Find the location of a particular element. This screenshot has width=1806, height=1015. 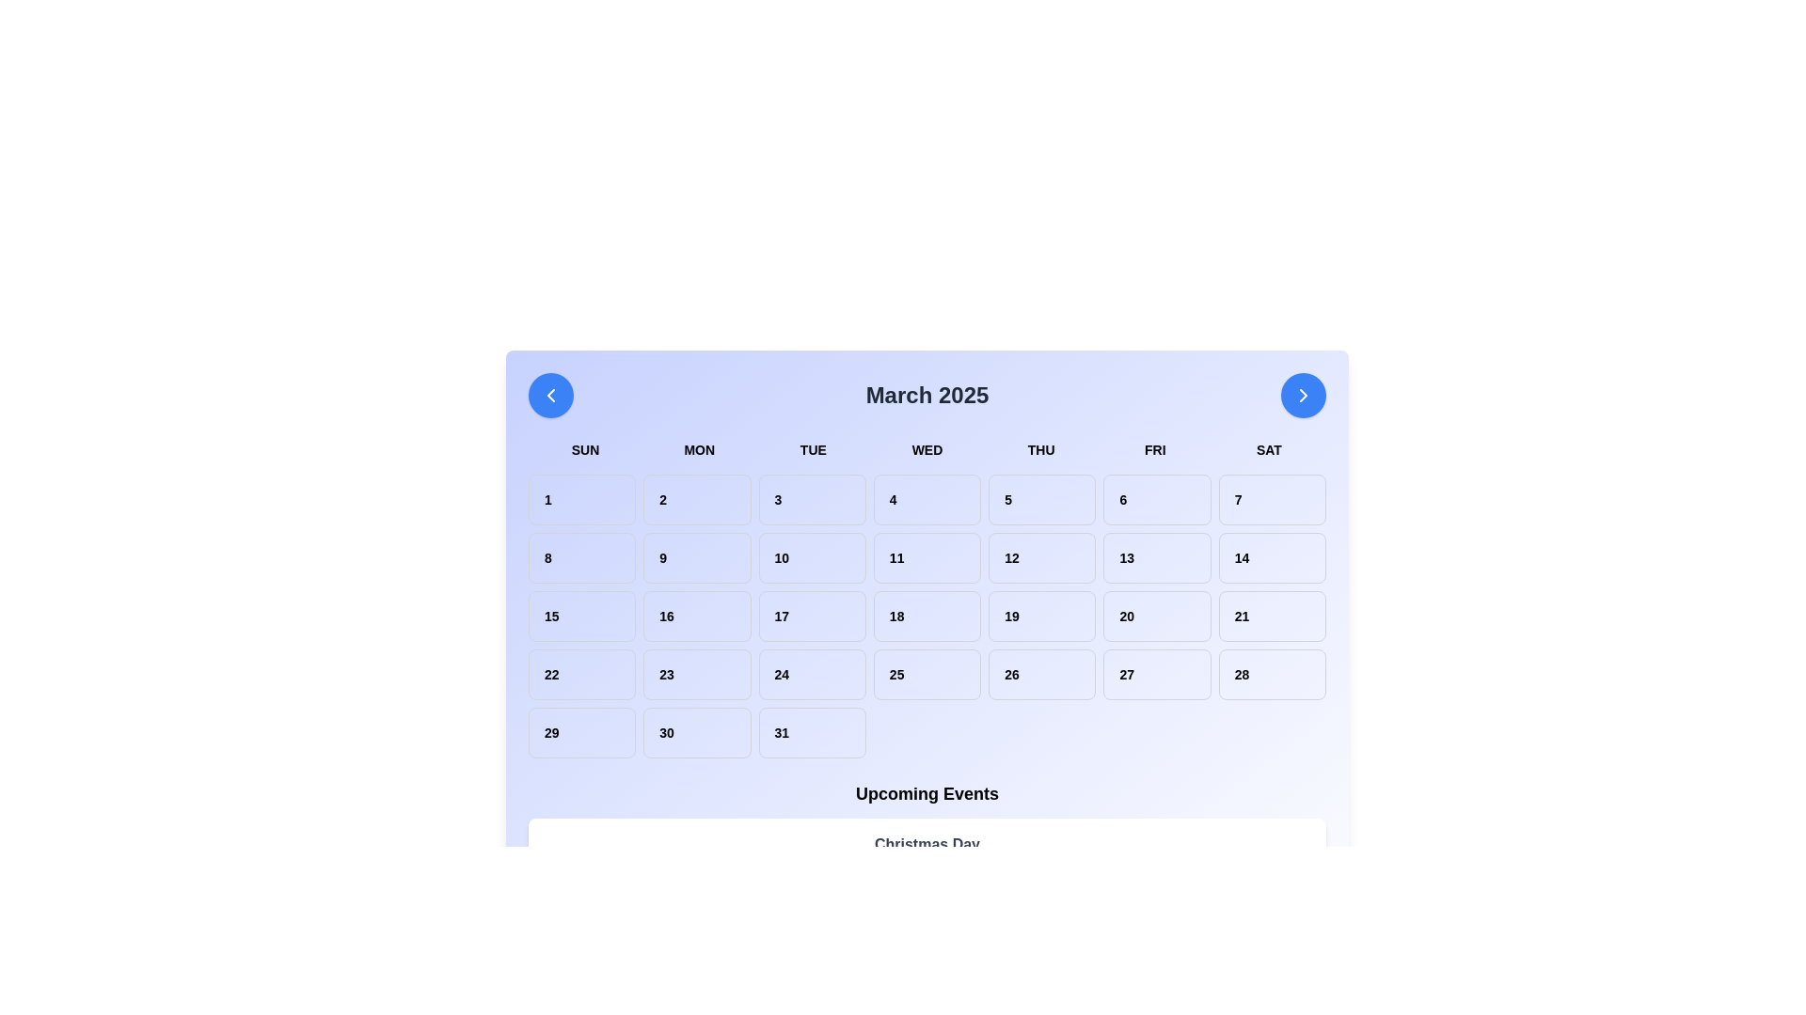

the navigation button with a chevron icon located at the far left of the interface, embedded within a circular blue button, by is located at coordinates (549, 394).